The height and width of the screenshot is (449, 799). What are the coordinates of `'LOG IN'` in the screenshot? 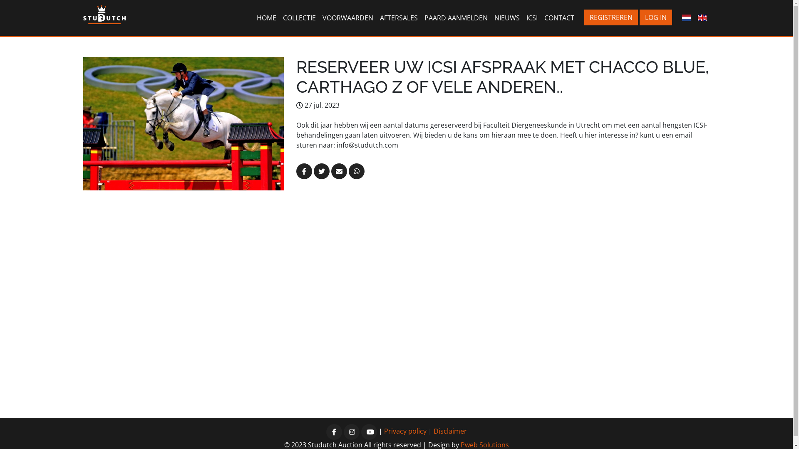 It's located at (655, 17).